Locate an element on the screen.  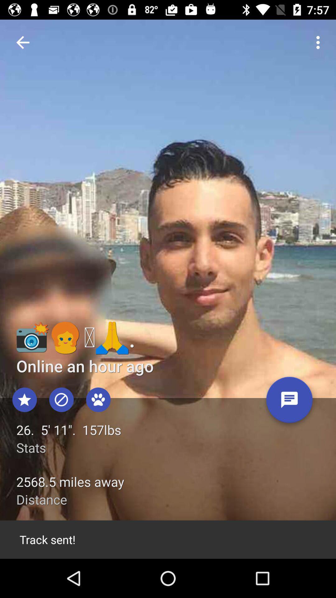
item next to 26 5 11 item is located at coordinates (289, 402).